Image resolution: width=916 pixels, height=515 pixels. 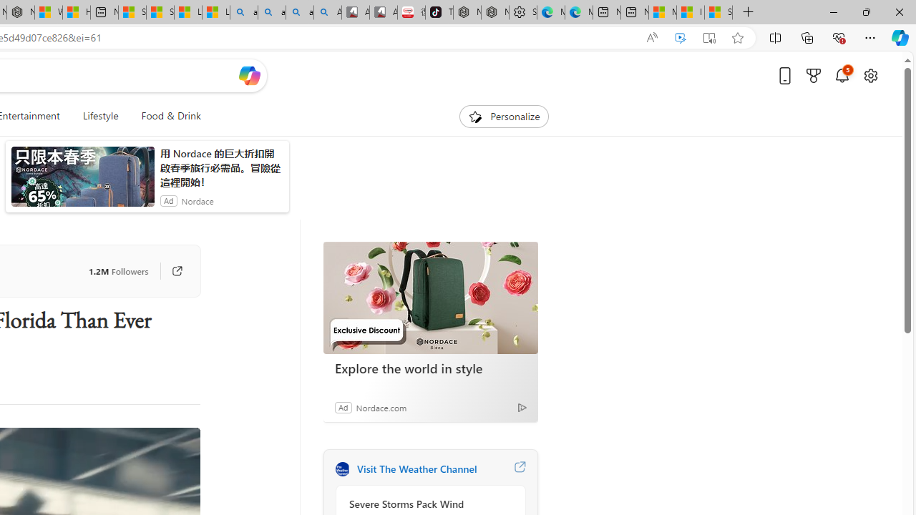 What do you see at coordinates (521, 407) in the screenshot?
I see `'Ad Choice'` at bounding box center [521, 407].